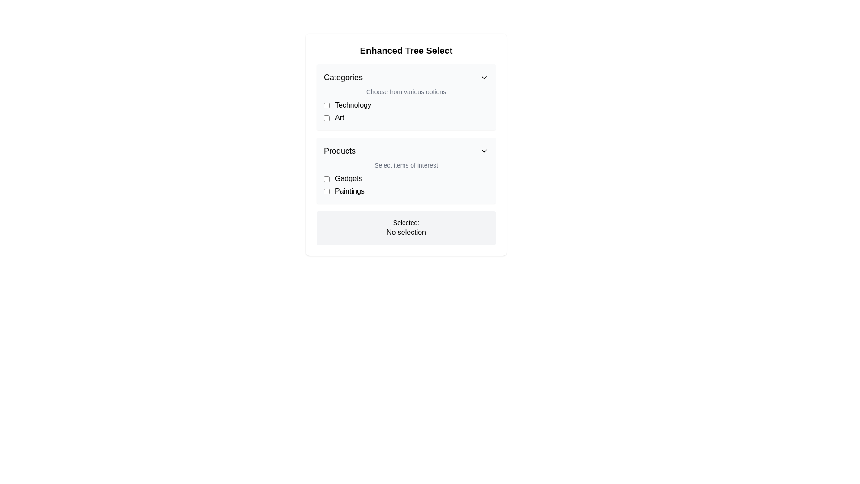  What do you see at coordinates (339, 150) in the screenshot?
I see `the 'Products' label at the top-left of the dropdown section, which is indicated by the bold text and chevron icon to its right` at bounding box center [339, 150].